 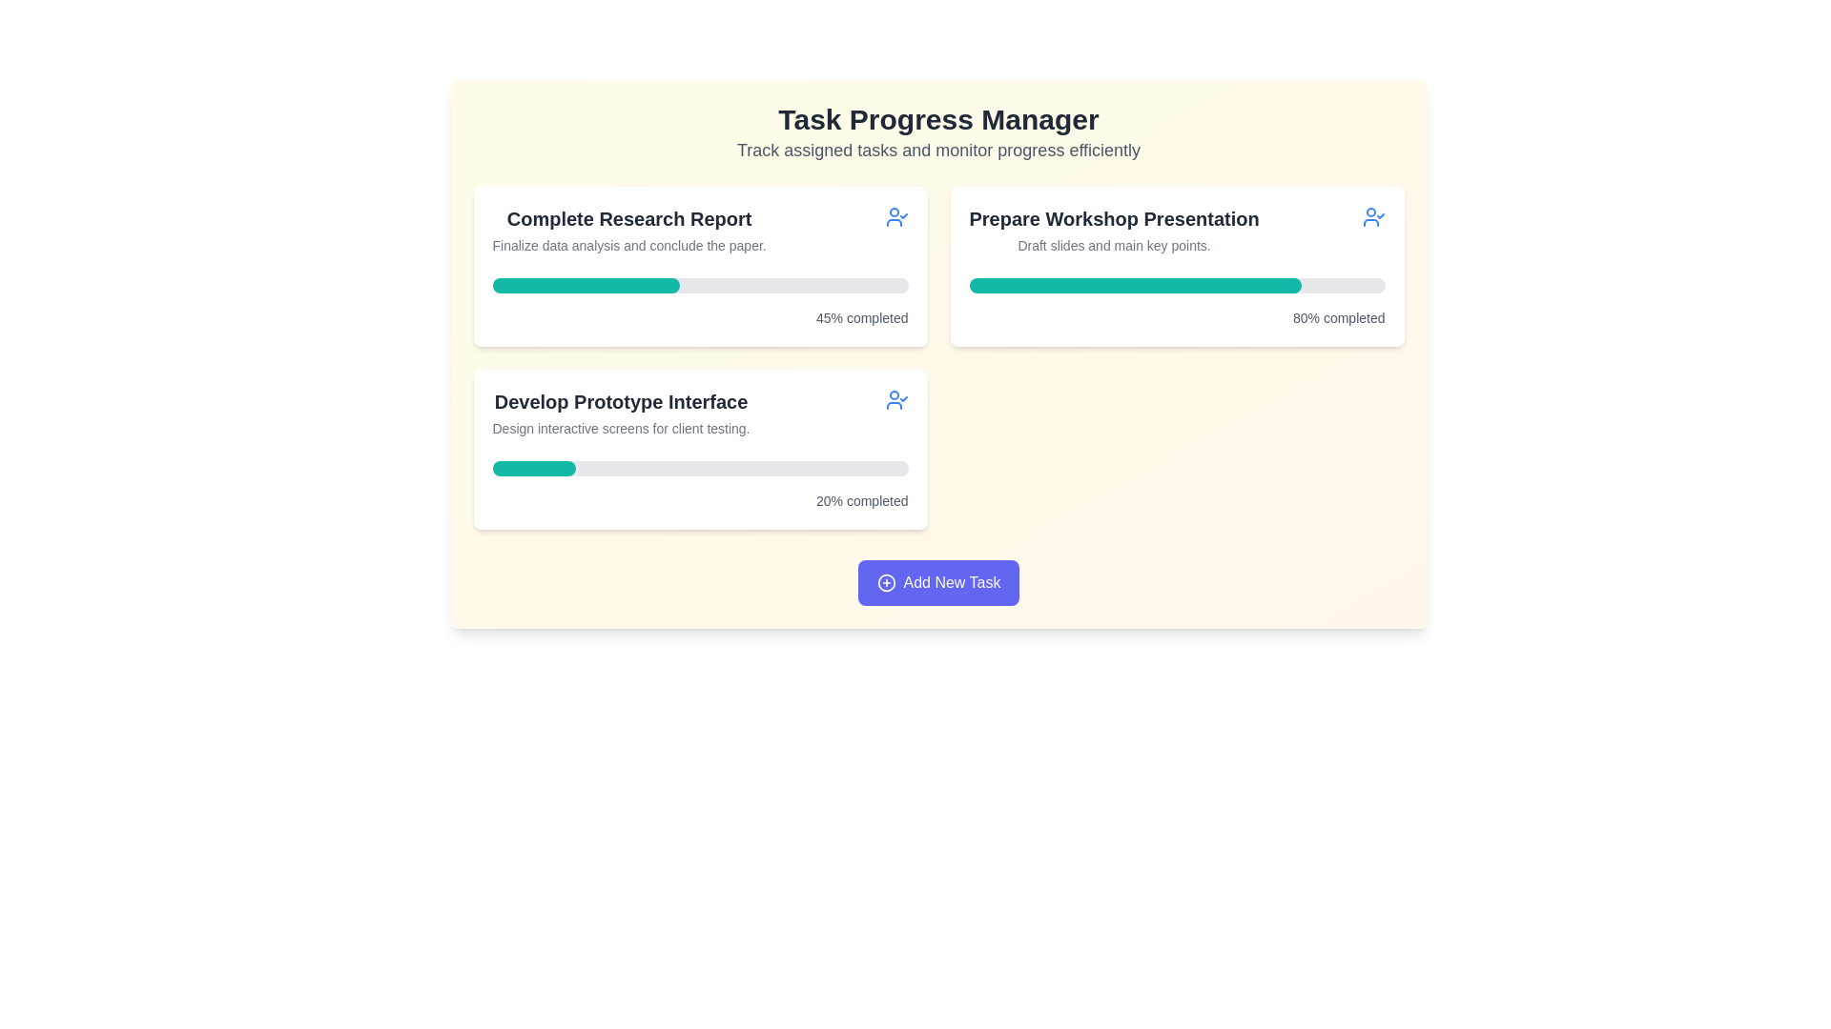 What do you see at coordinates (1176, 286) in the screenshot?
I see `the progress bar indicating 80% completion for the task 'Prepare Workshop Presentation', which is located beneath the description 'Draft slides and main key points.'` at bounding box center [1176, 286].